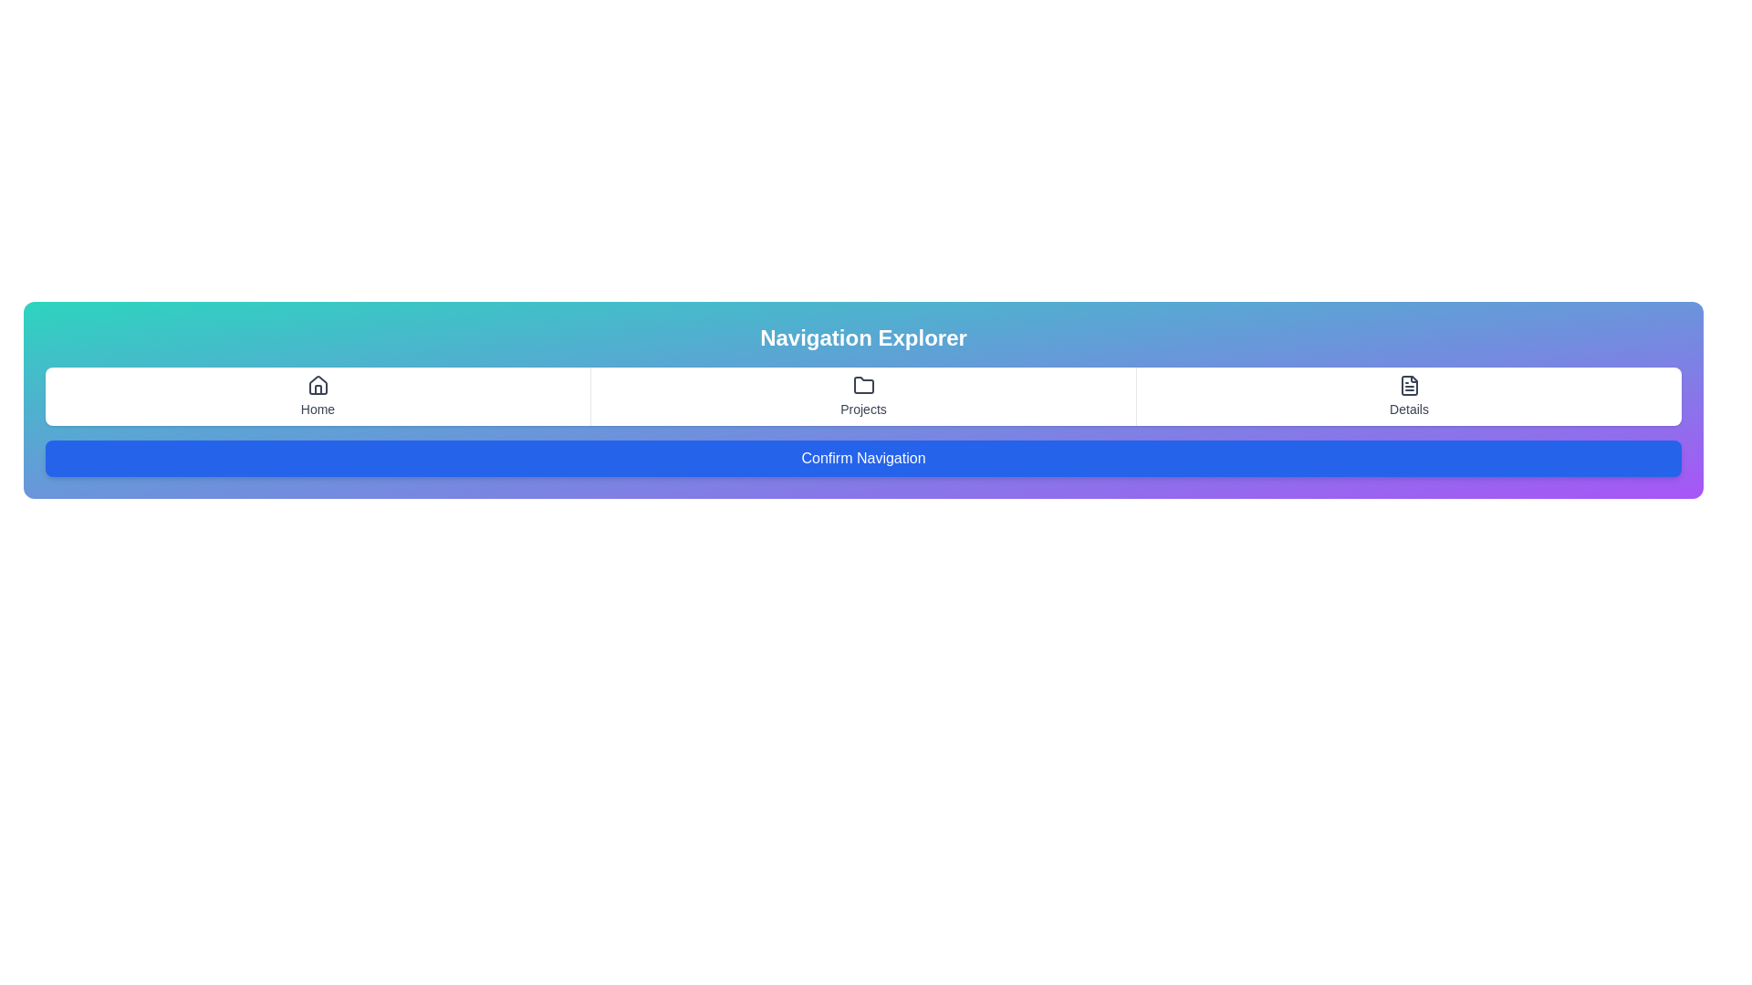 The height and width of the screenshot is (985, 1752). Describe the element at coordinates (318, 389) in the screenshot. I see `the door detail of the house icon, which is centrally aligned below the roof section` at that location.